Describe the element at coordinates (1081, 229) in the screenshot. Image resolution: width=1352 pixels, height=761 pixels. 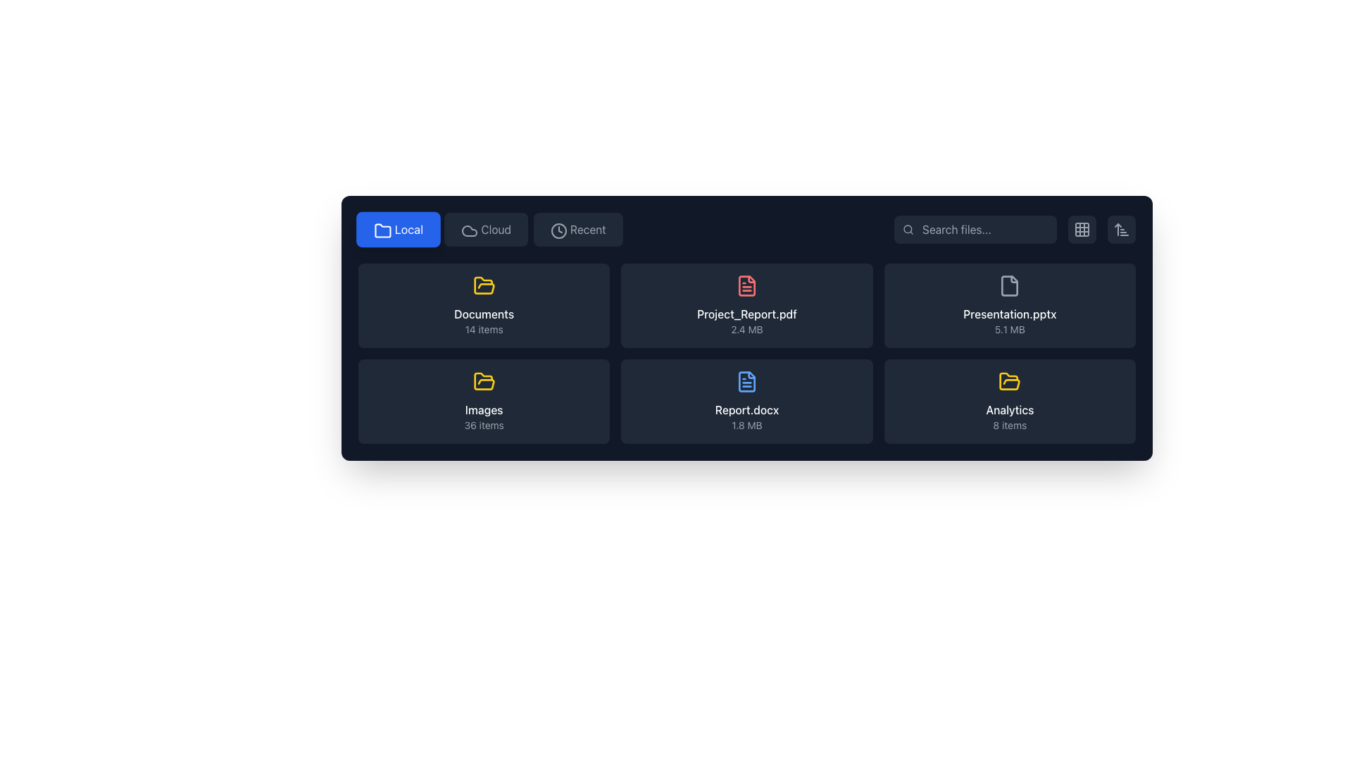
I see `the grid icon button with a dark gray background` at that location.